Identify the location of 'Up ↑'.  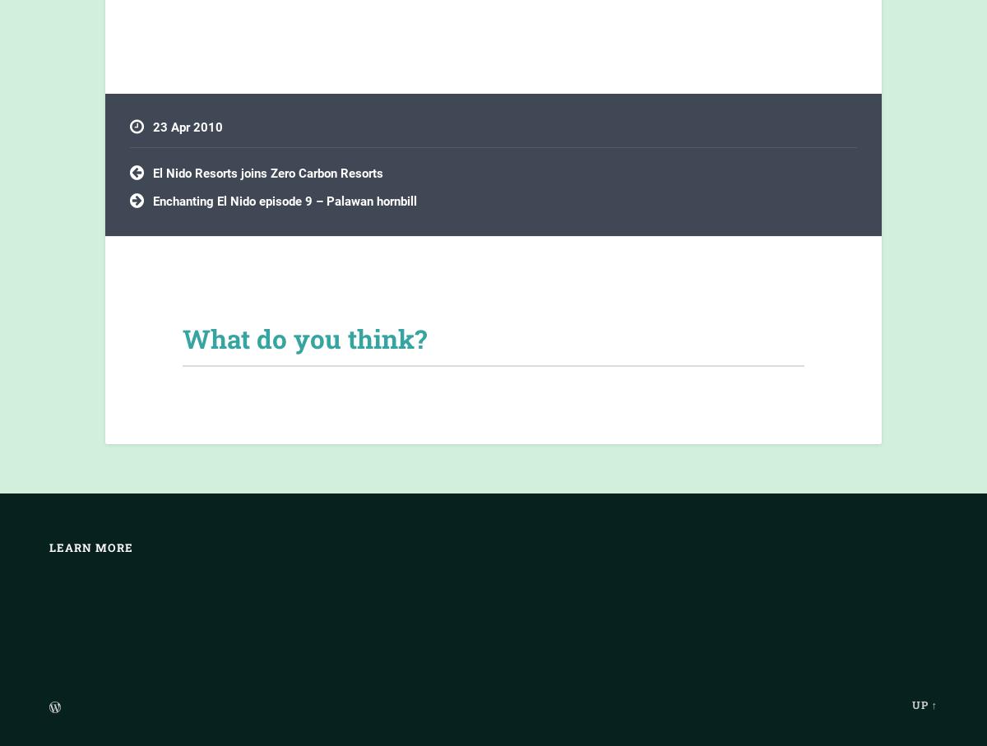
(910, 704).